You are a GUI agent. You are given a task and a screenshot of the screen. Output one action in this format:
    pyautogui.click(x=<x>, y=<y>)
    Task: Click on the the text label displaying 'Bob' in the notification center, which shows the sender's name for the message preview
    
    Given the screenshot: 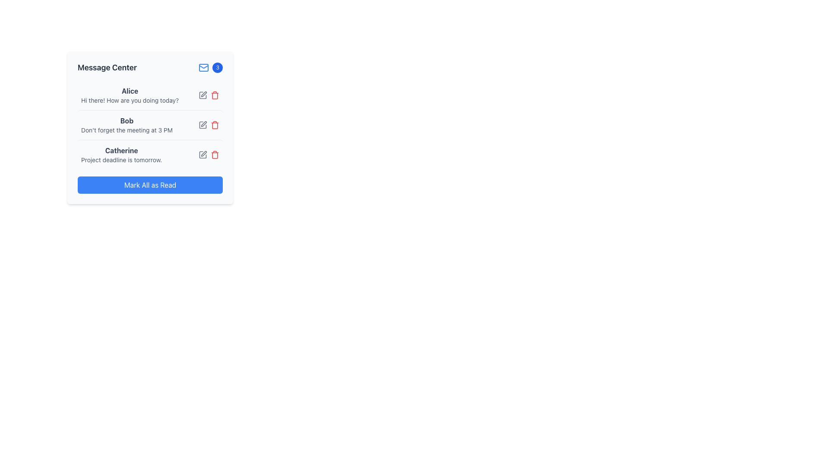 What is the action you would take?
    pyautogui.click(x=126, y=121)
    